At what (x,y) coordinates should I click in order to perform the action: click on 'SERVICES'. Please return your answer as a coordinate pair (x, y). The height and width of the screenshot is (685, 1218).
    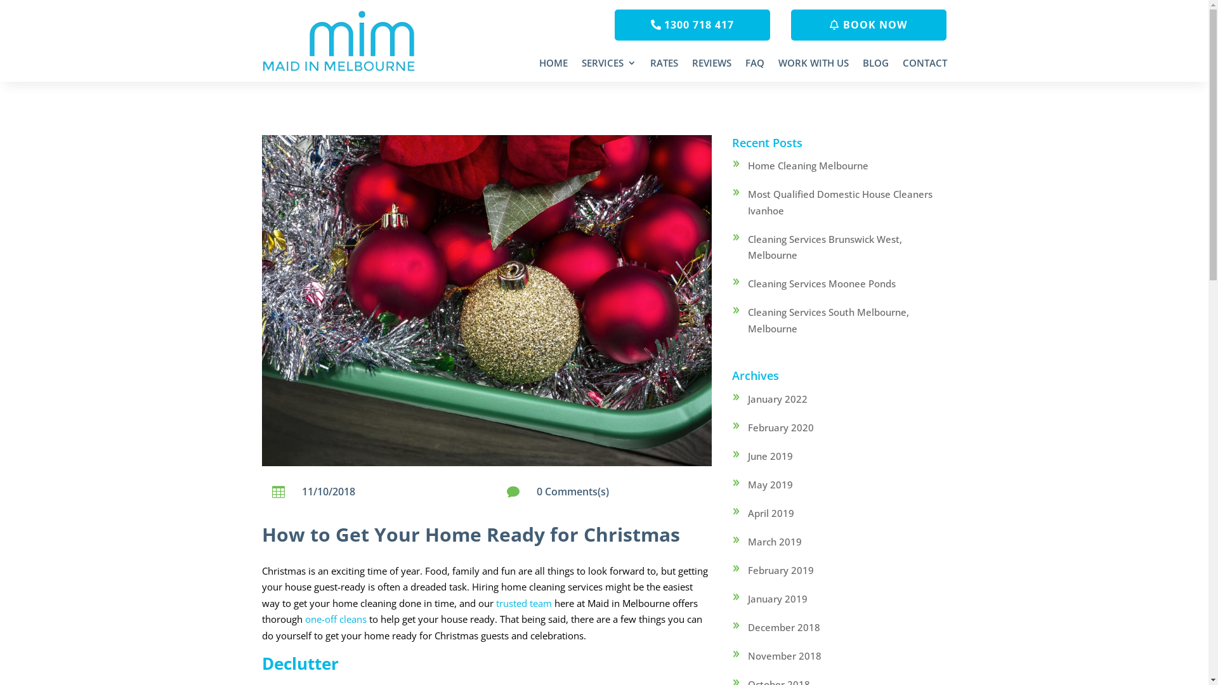
    Looking at the image, I should click on (608, 65).